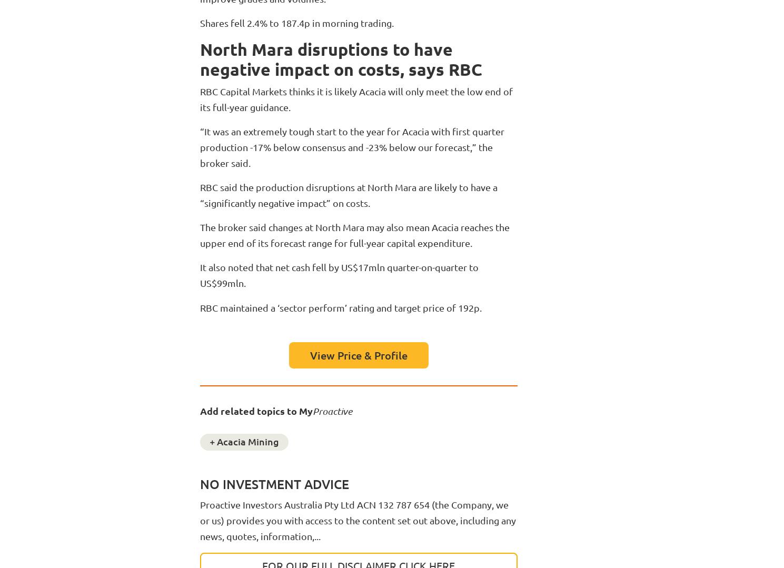 Image resolution: width=784 pixels, height=568 pixels. Describe the element at coordinates (137, 333) in the screenshot. I see `'Investor deep dive'` at that location.